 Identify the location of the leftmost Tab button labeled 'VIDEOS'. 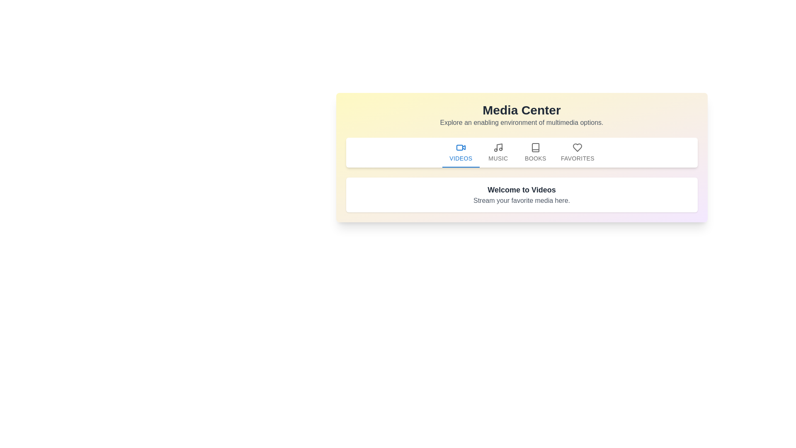
(460, 152).